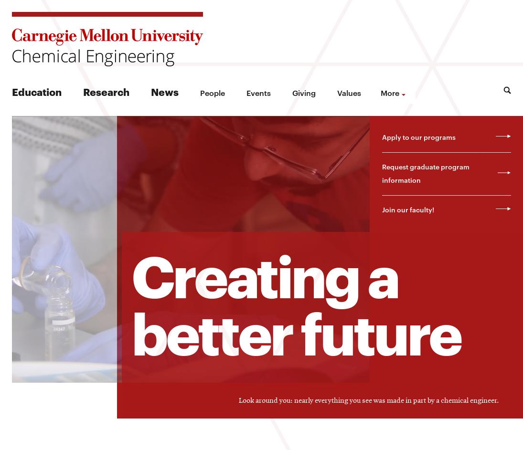 The height and width of the screenshot is (450, 523). What do you see at coordinates (425, 173) in the screenshot?
I see `'Request graduate program information'` at bounding box center [425, 173].